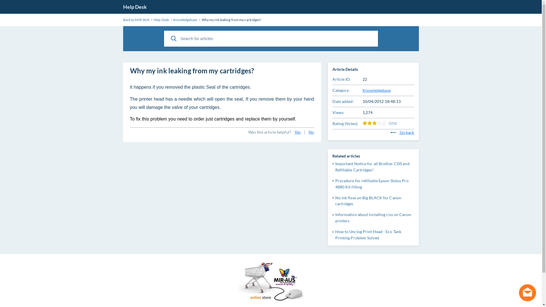 The width and height of the screenshot is (546, 307). What do you see at coordinates (335, 235) in the screenshot?
I see `'How to Unclog Print Head - Eco Tank Printing Problem Solved'` at bounding box center [335, 235].